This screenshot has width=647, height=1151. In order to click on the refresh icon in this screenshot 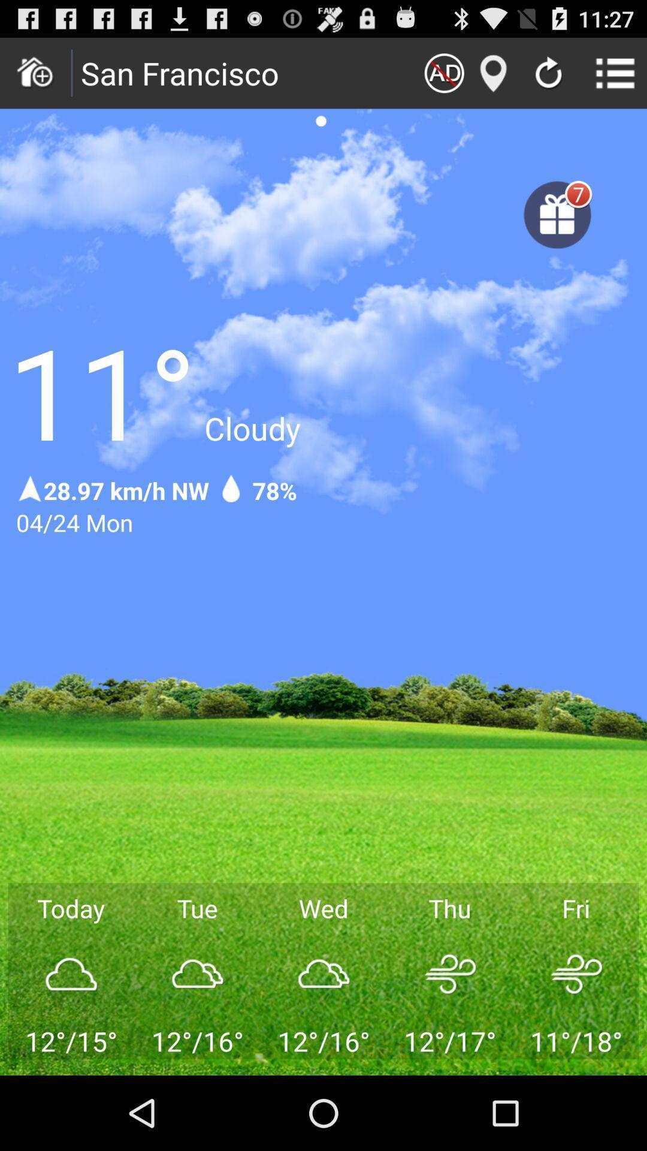, I will do `click(548, 79)`.